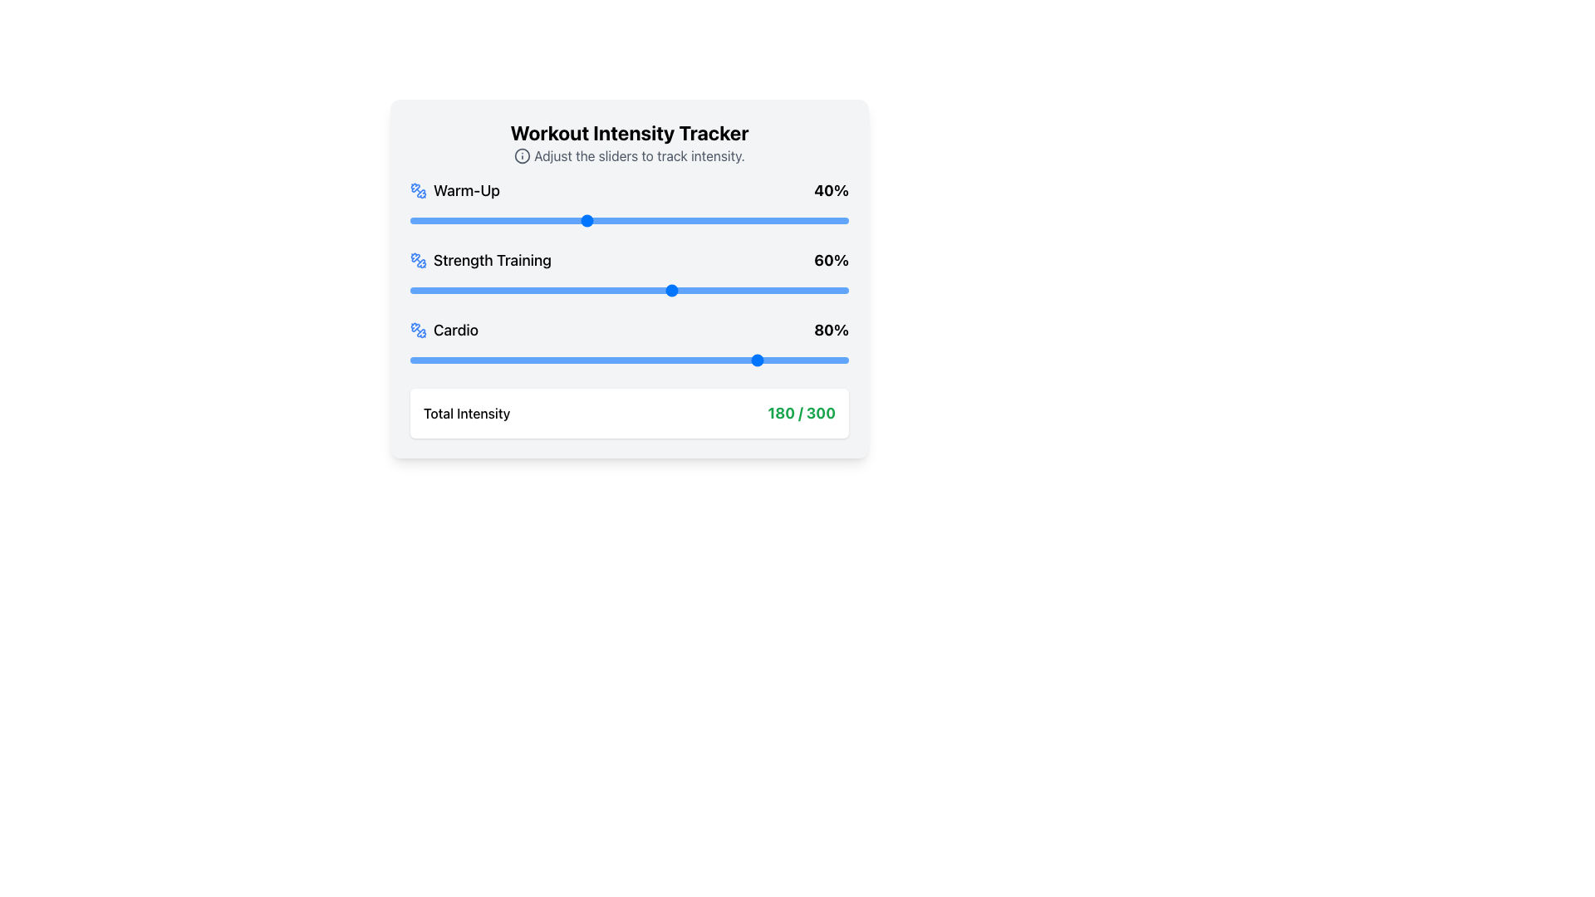 The image size is (1595, 897). Describe the element at coordinates (633, 360) in the screenshot. I see `the cardio intensity slider` at that location.